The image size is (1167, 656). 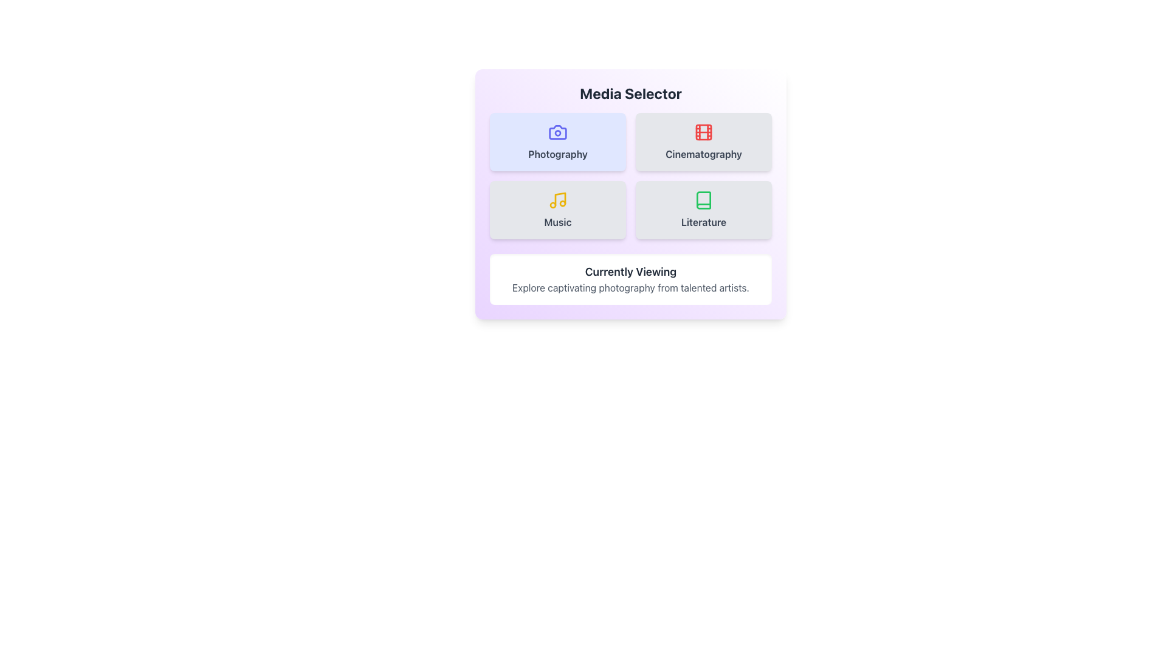 What do you see at coordinates (557, 154) in the screenshot?
I see `text label that denotes the 'Photography' category, located at the center of the element situated beneath the camera icon on the 'Photography' card` at bounding box center [557, 154].